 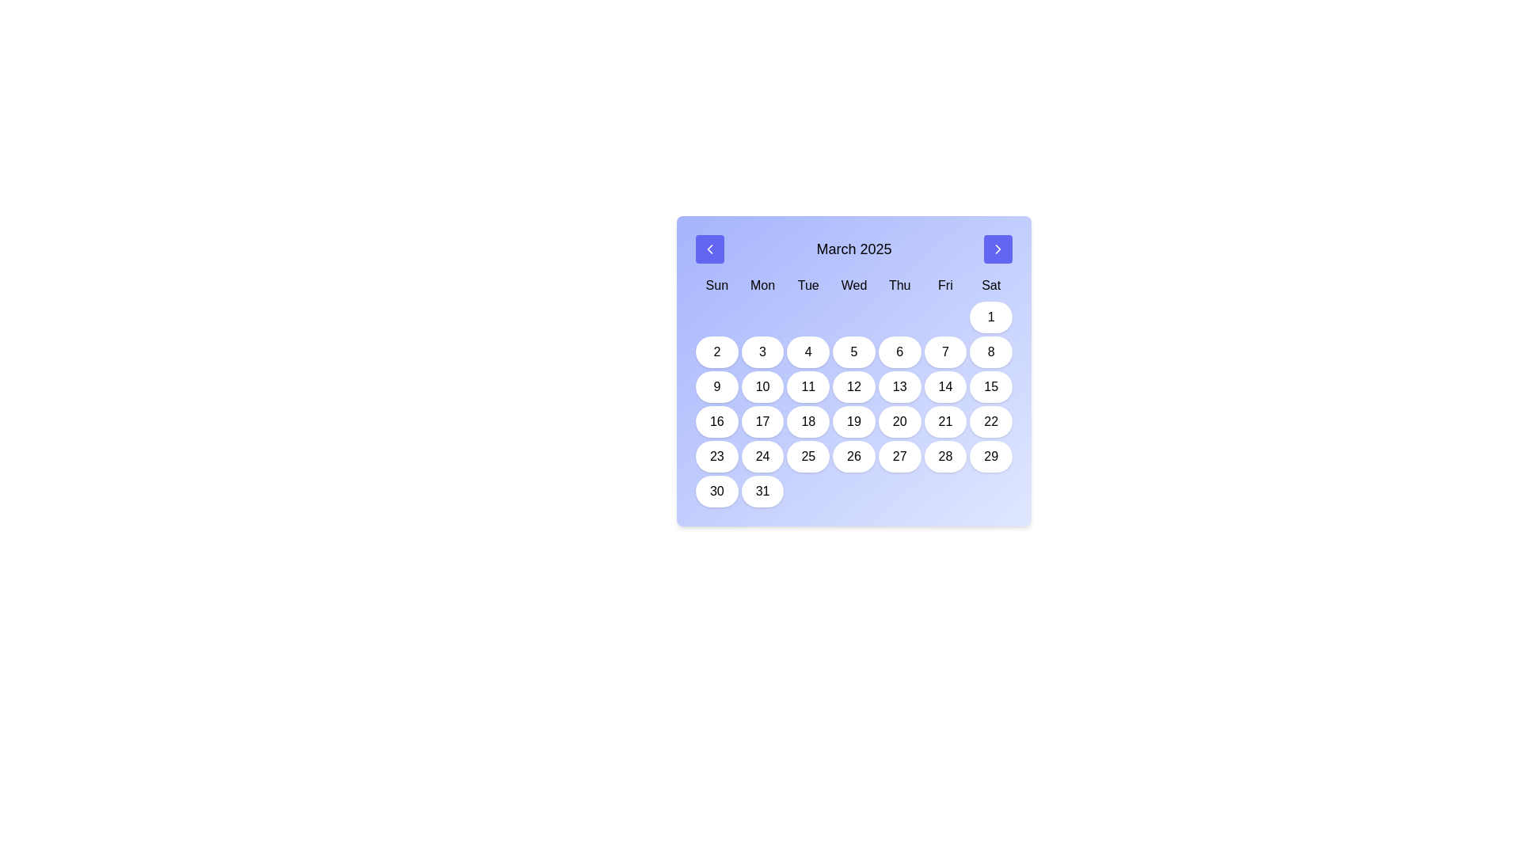 What do you see at coordinates (853, 387) in the screenshot?
I see `the selectable date button representing the 12th of the month in the calendar interface to observe the styling change` at bounding box center [853, 387].